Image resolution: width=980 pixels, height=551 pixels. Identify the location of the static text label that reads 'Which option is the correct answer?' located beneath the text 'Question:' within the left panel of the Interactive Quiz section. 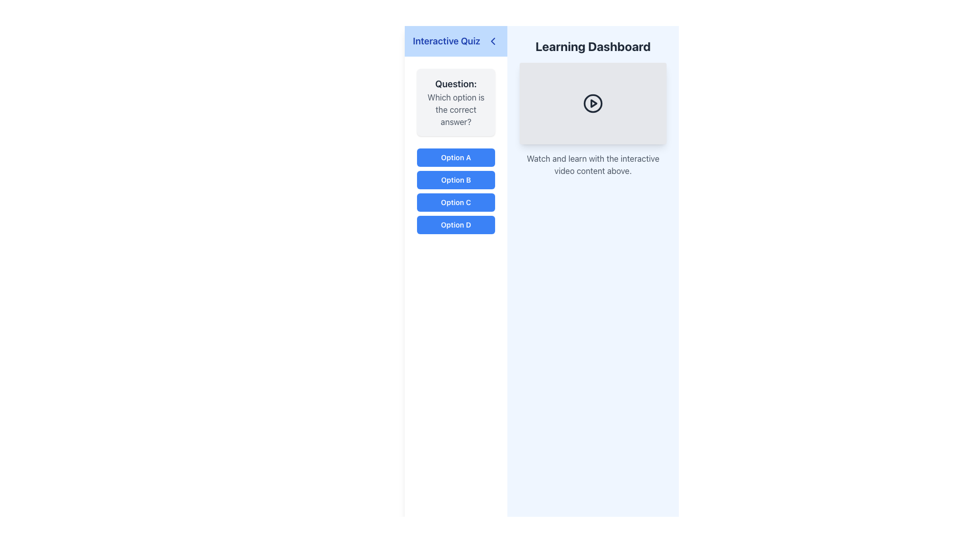
(455, 110).